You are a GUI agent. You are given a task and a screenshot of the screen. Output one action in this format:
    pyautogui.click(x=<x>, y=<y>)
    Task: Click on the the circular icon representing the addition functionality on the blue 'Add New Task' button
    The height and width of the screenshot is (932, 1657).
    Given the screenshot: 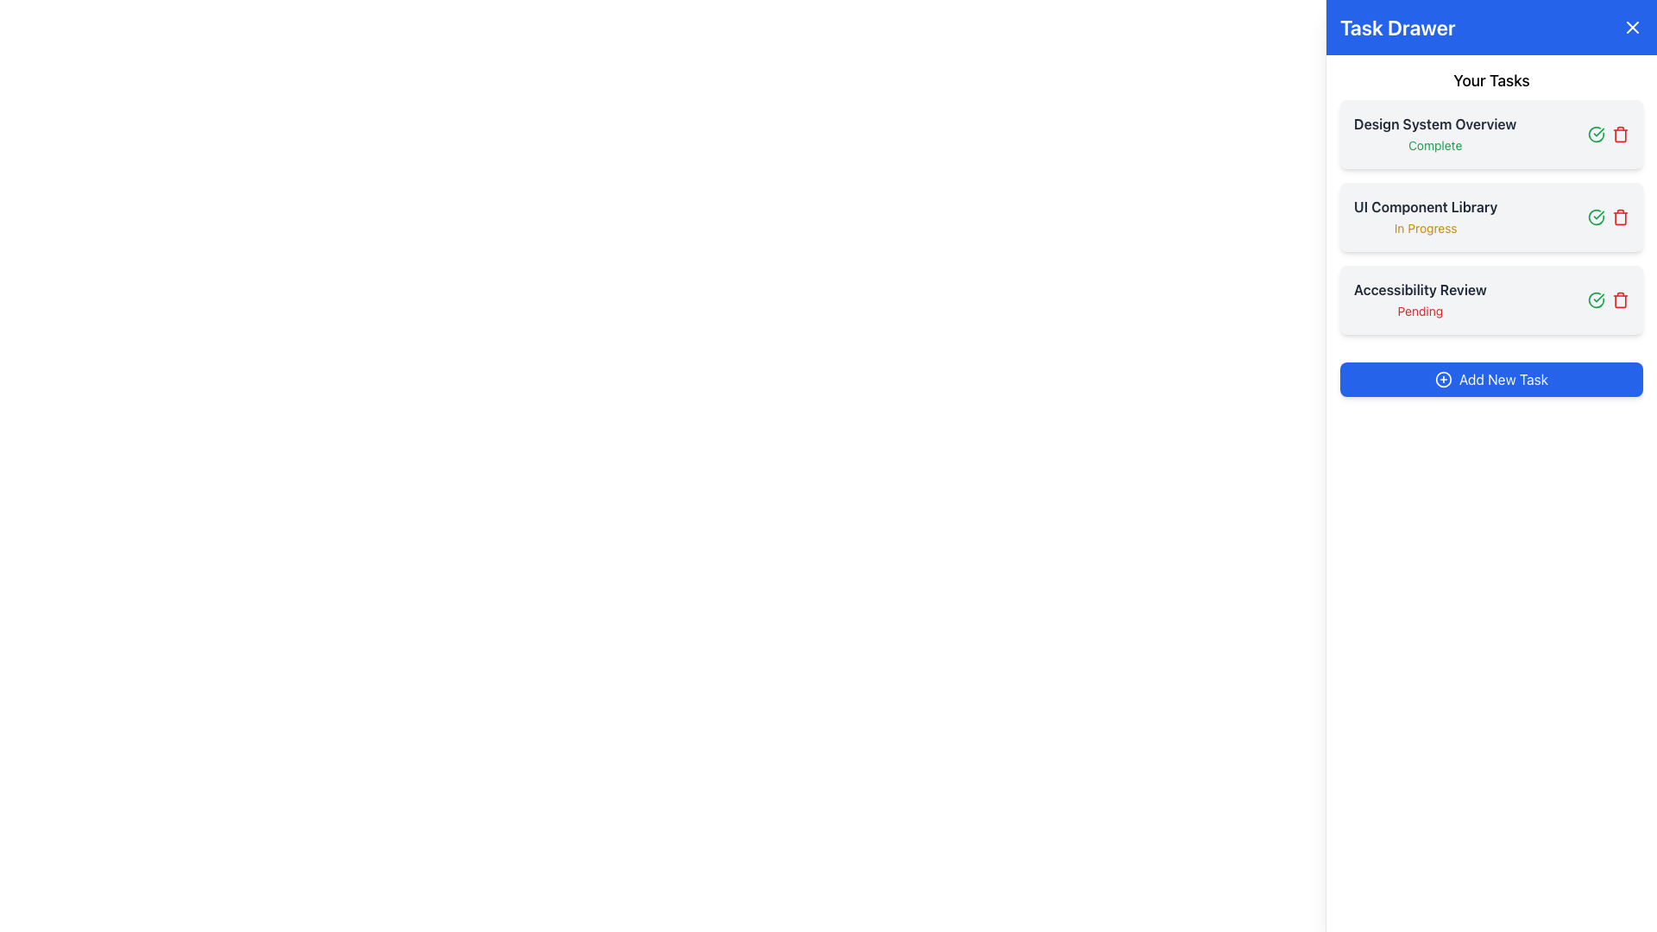 What is the action you would take?
    pyautogui.click(x=1443, y=378)
    